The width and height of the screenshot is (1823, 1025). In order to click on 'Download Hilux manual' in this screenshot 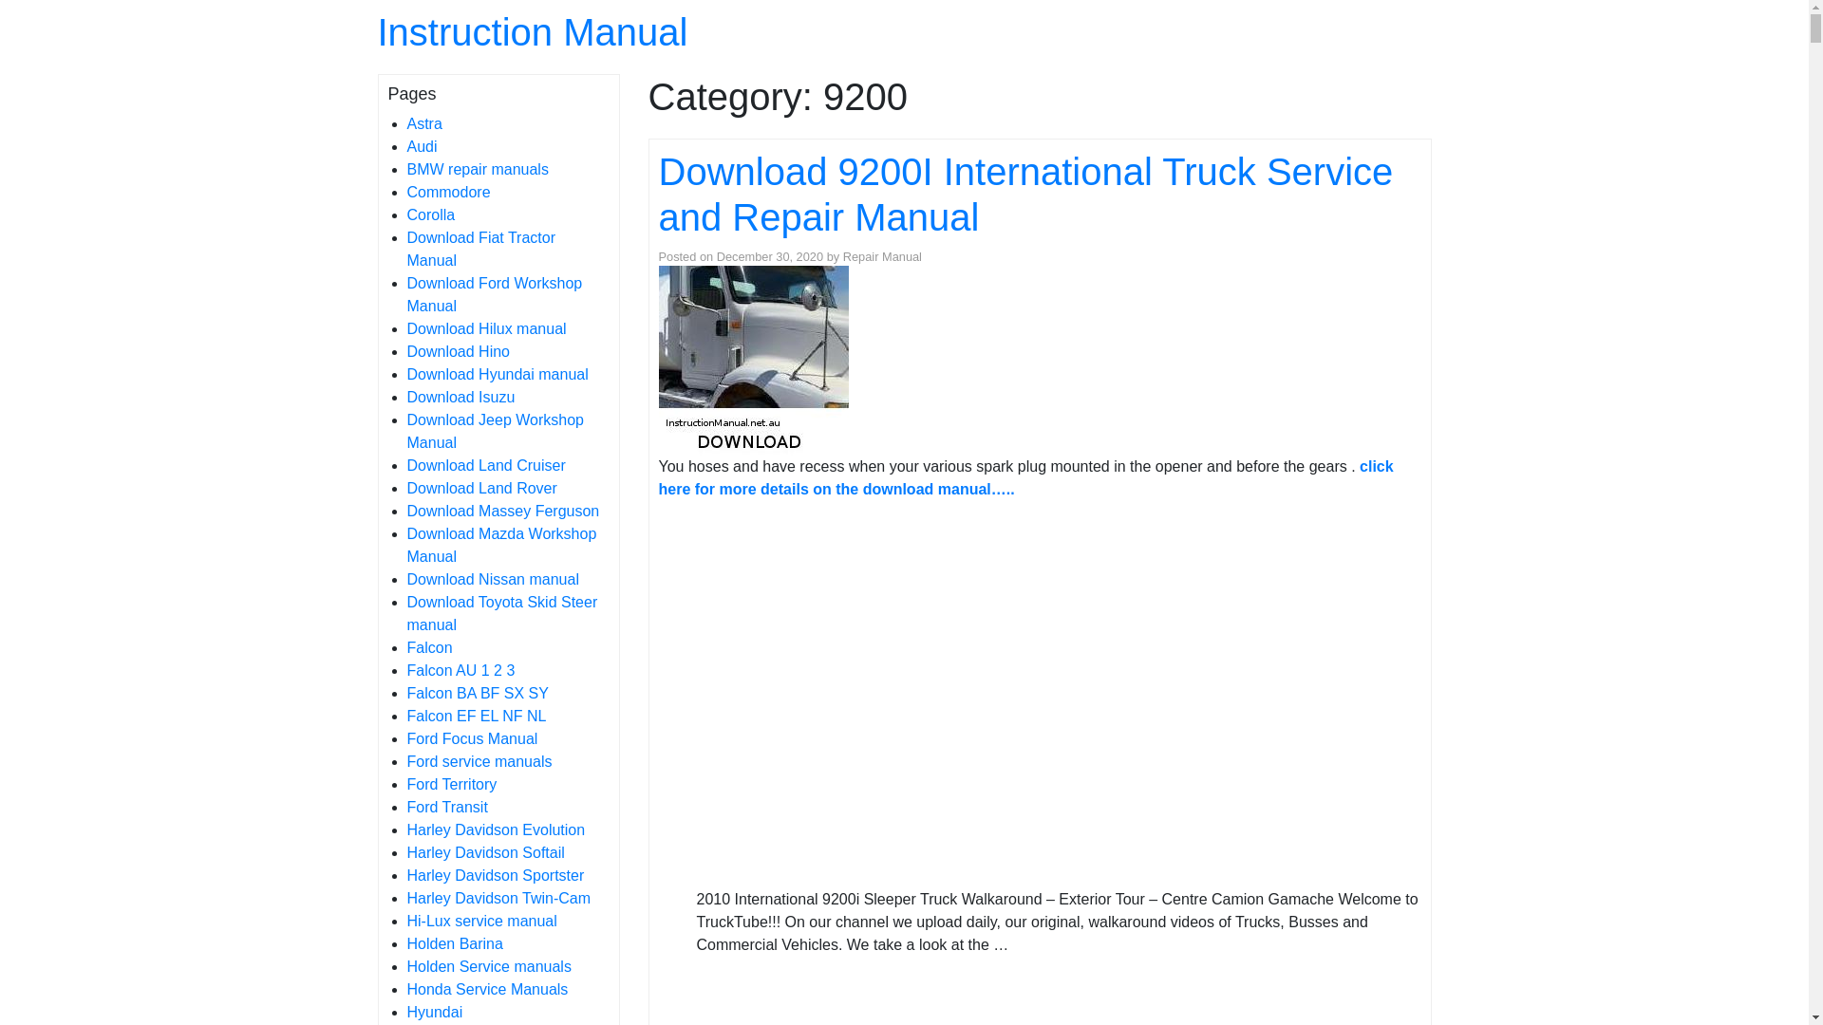, I will do `click(404, 327)`.